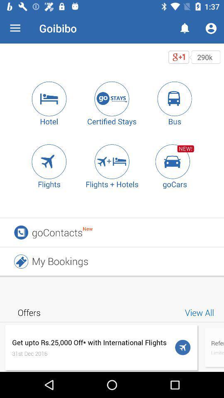 Image resolution: width=224 pixels, height=398 pixels. Describe the element at coordinates (174, 161) in the screenshot. I see `icon above the gocars icon` at that location.